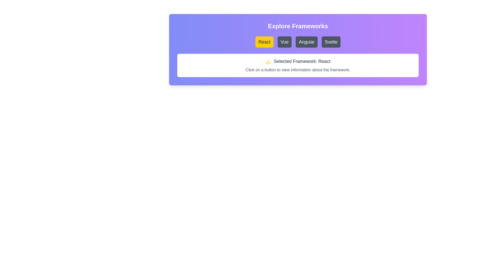 The image size is (489, 275). What do you see at coordinates (298, 65) in the screenshot?
I see `information displayed in the Informational Display Box that shows 'Selected Framework: React' with a yellow icon before it` at bounding box center [298, 65].